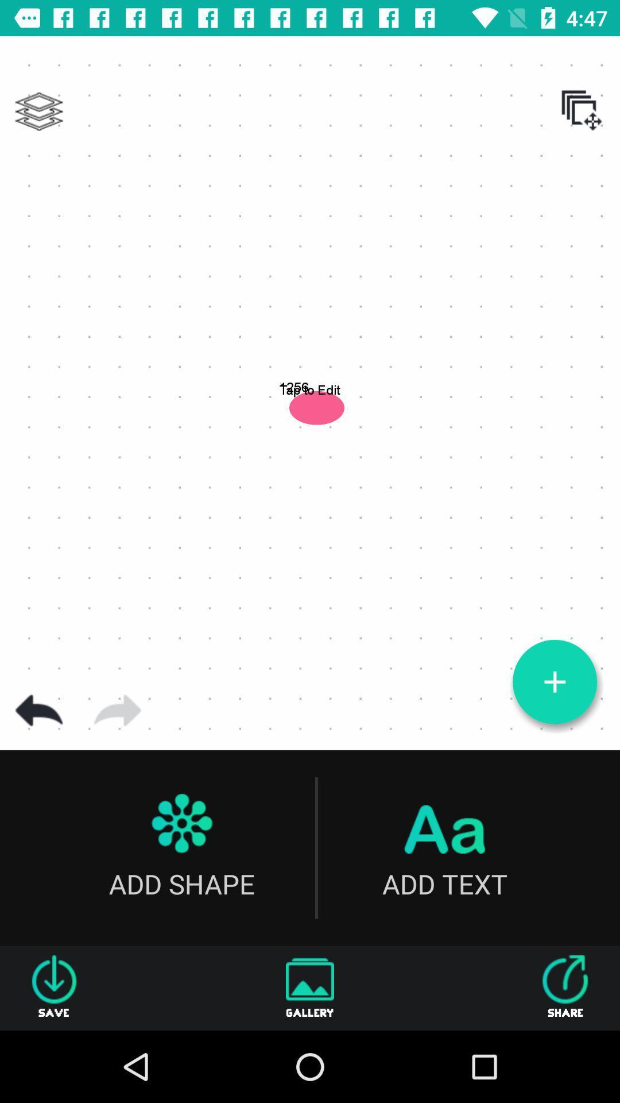  I want to click on layer images shapes or text in a layout, so click(38, 111).